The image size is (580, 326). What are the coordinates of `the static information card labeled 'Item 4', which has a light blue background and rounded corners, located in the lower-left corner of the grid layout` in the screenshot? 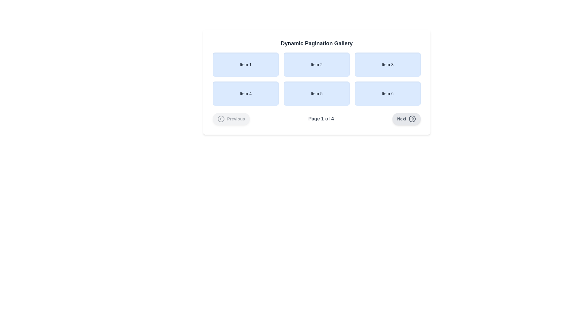 It's located at (246, 93).